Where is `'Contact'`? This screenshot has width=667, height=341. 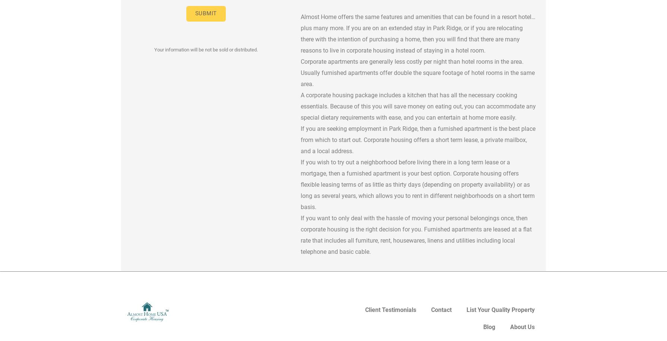
'Contact' is located at coordinates (441, 310).